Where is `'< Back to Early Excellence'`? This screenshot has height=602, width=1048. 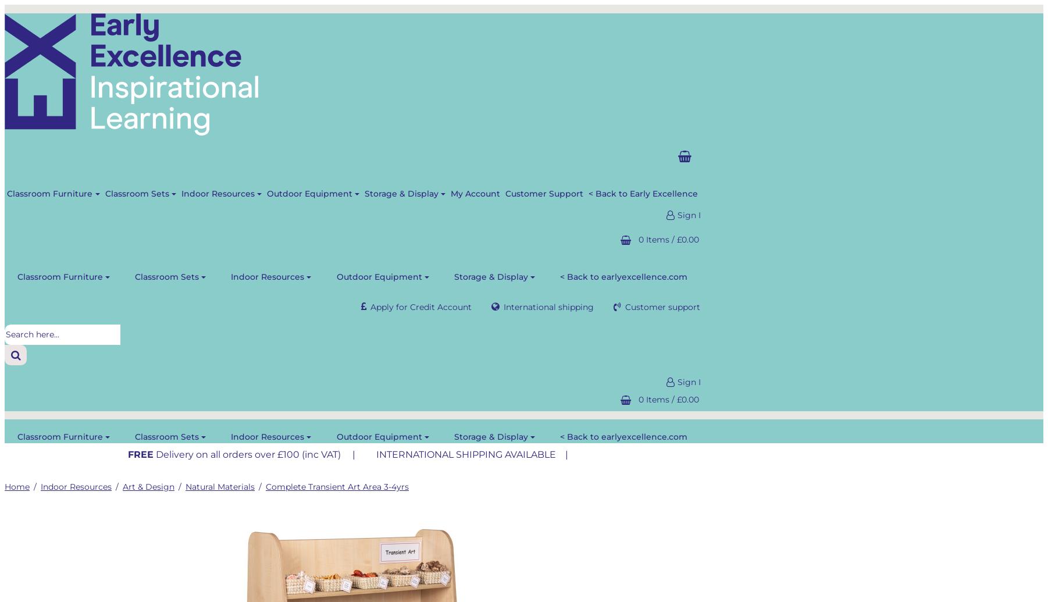 '< Back to Early Excellence' is located at coordinates (641, 193).